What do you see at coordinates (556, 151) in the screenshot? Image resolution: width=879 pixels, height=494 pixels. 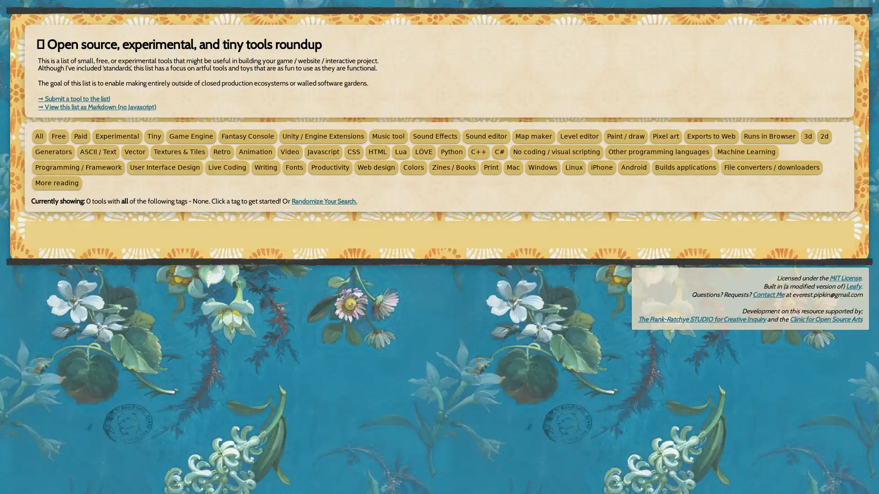 I see `No coding / visual scripting` at bounding box center [556, 151].